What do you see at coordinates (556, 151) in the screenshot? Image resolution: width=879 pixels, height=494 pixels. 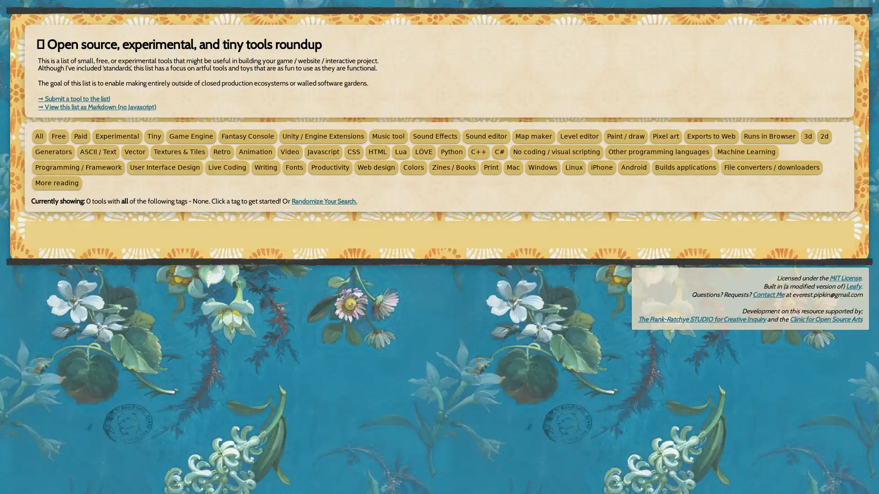 I see `No coding / visual scripting` at bounding box center [556, 151].